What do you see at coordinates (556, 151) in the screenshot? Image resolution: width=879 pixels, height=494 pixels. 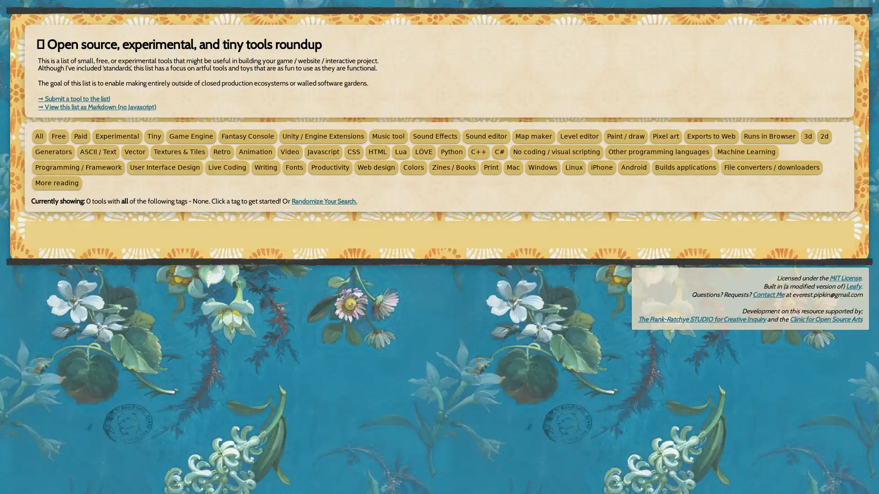 I see `No coding / visual scripting` at bounding box center [556, 151].